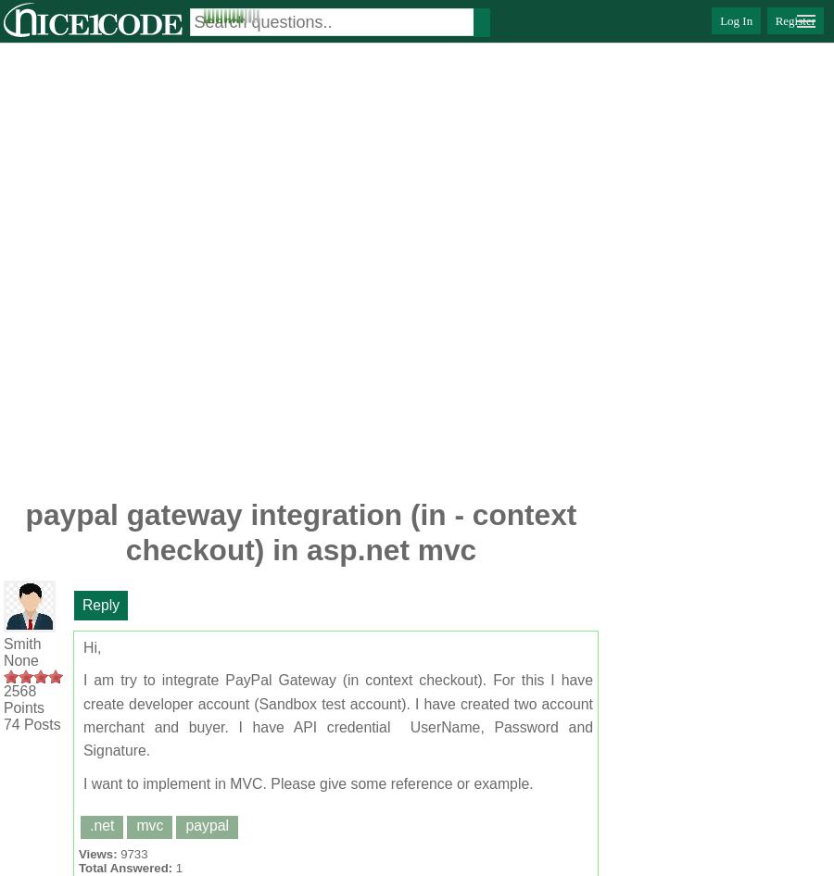 The height and width of the screenshot is (876, 834). Describe the element at coordinates (91, 647) in the screenshot. I see `'Hi,'` at that location.